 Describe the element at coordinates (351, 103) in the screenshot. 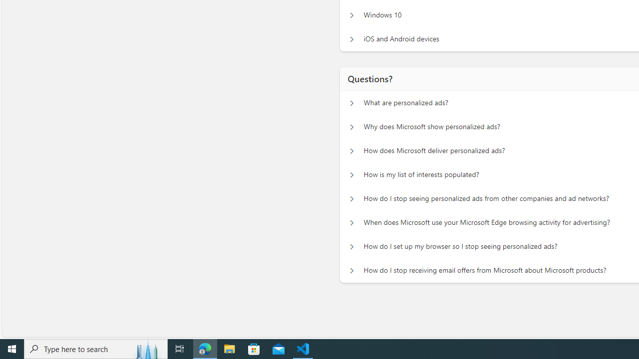

I see `'Questions? What are personalized ads?'` at that location.